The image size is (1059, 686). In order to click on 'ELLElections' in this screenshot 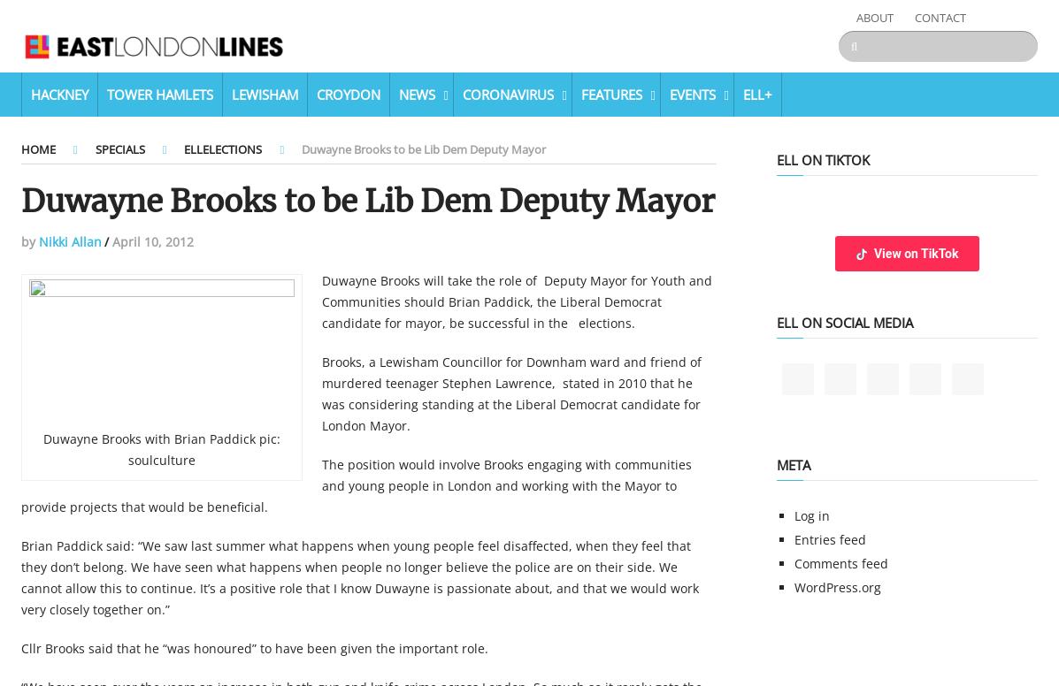, I will do `click(222, 149)`.